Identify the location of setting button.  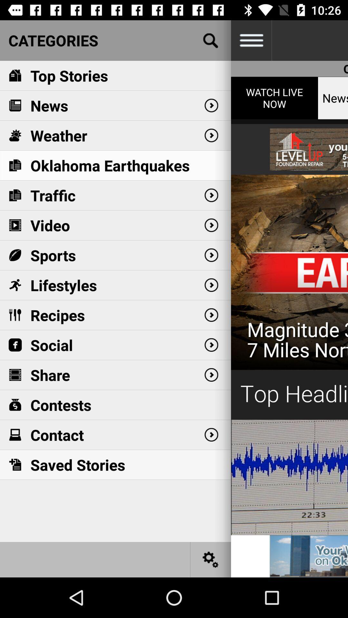
(211, 559).